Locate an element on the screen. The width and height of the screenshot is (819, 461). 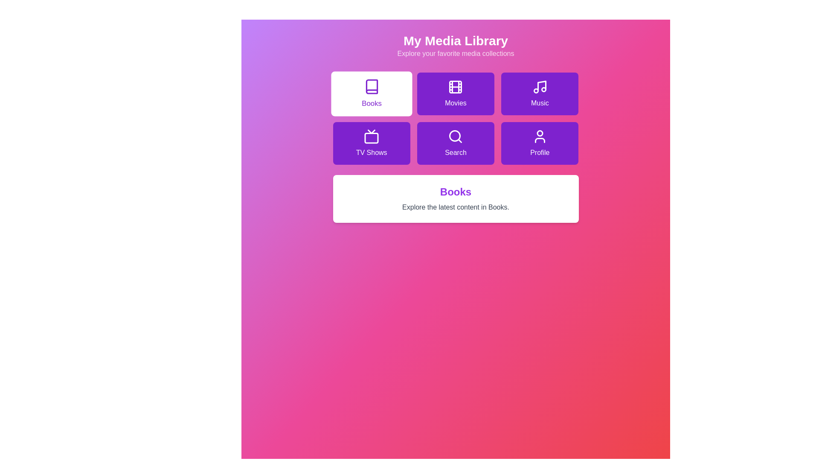
the button labeled 'Books' with a book icon, which has a rounded rectangular shape and a white background is located at coordinates (372, 93).